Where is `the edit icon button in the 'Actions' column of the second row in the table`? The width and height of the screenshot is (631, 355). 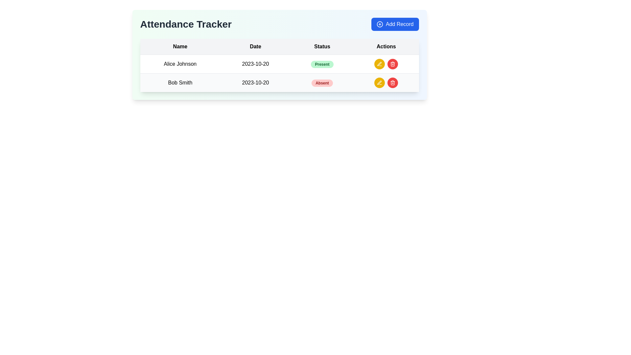 the edit icon button in the 'Actions' column of the second row in the table is located at coordinates (380, 64).